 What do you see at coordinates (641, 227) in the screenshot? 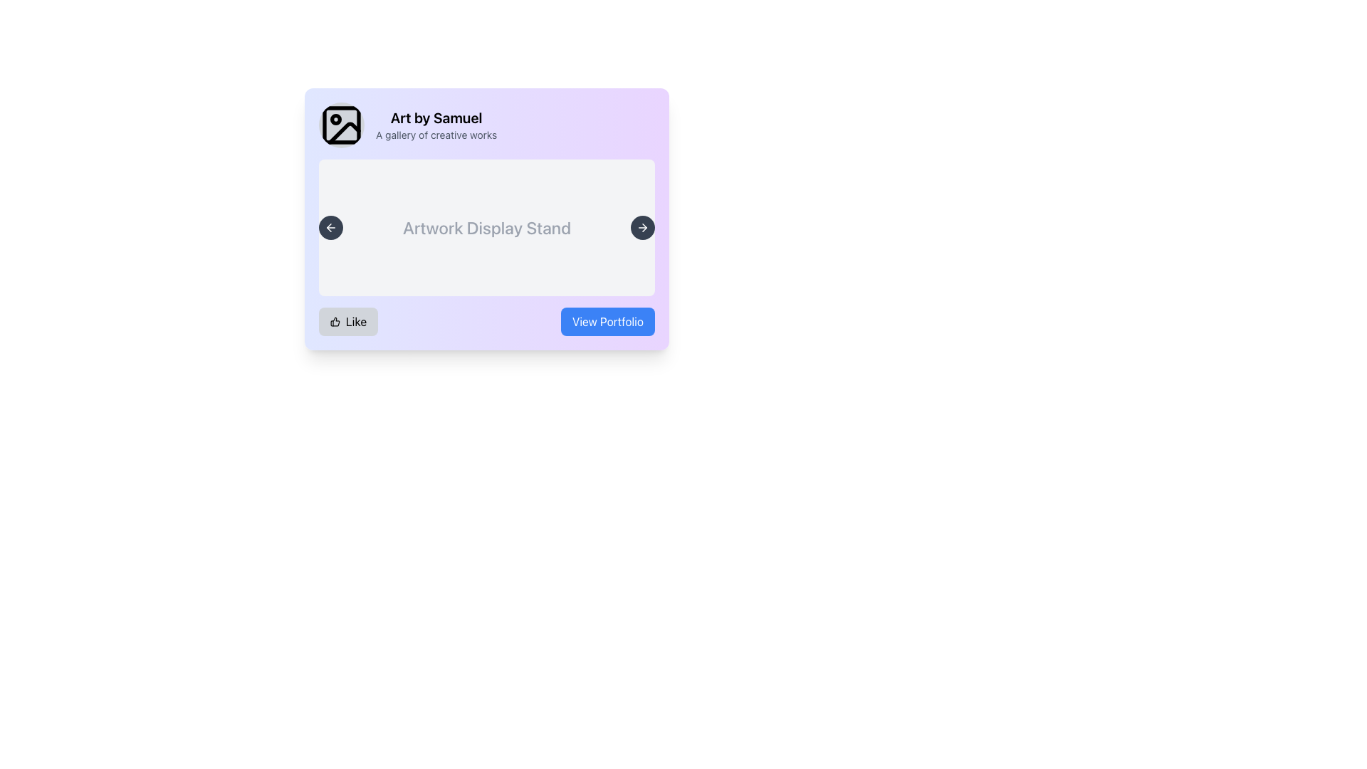
I see `the arrow icon button located inside a small circular button` at bounding box center [641, 227].